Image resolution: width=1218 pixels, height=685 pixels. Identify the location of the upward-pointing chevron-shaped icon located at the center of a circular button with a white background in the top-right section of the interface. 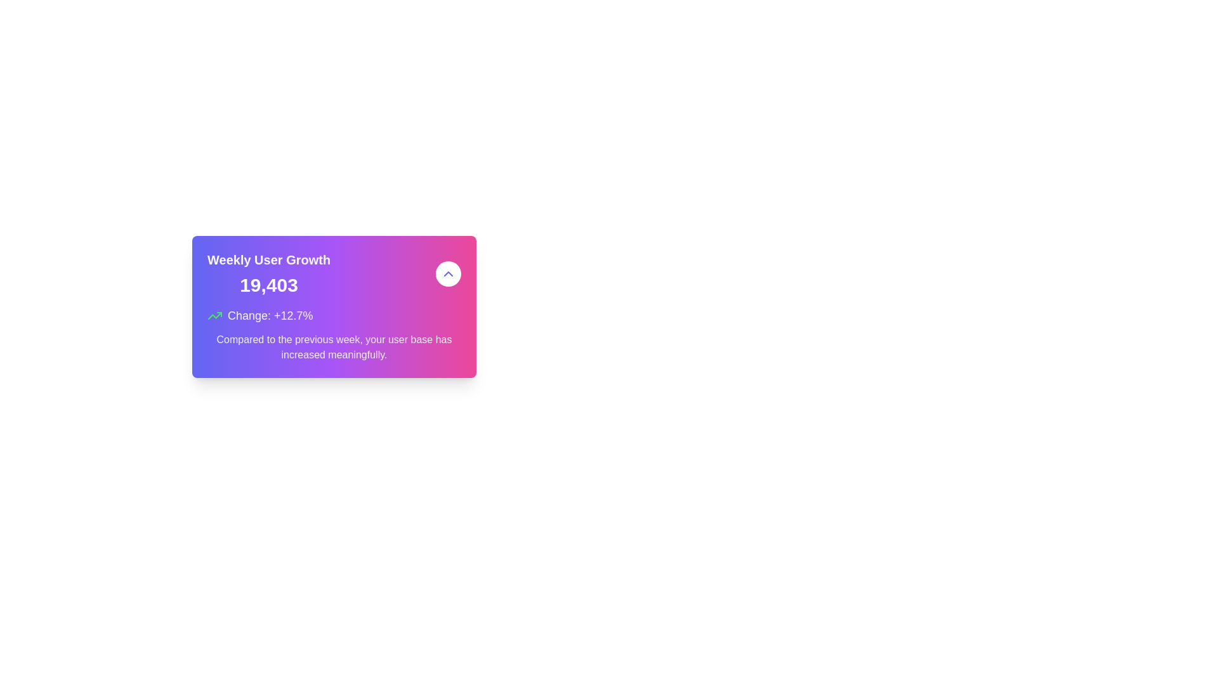
(448, 273).